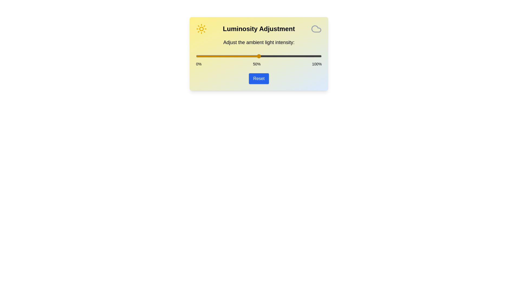  I want to click on the text 'Adjust the ambient light intensity:' for copying or interaction, so click(258, 42).